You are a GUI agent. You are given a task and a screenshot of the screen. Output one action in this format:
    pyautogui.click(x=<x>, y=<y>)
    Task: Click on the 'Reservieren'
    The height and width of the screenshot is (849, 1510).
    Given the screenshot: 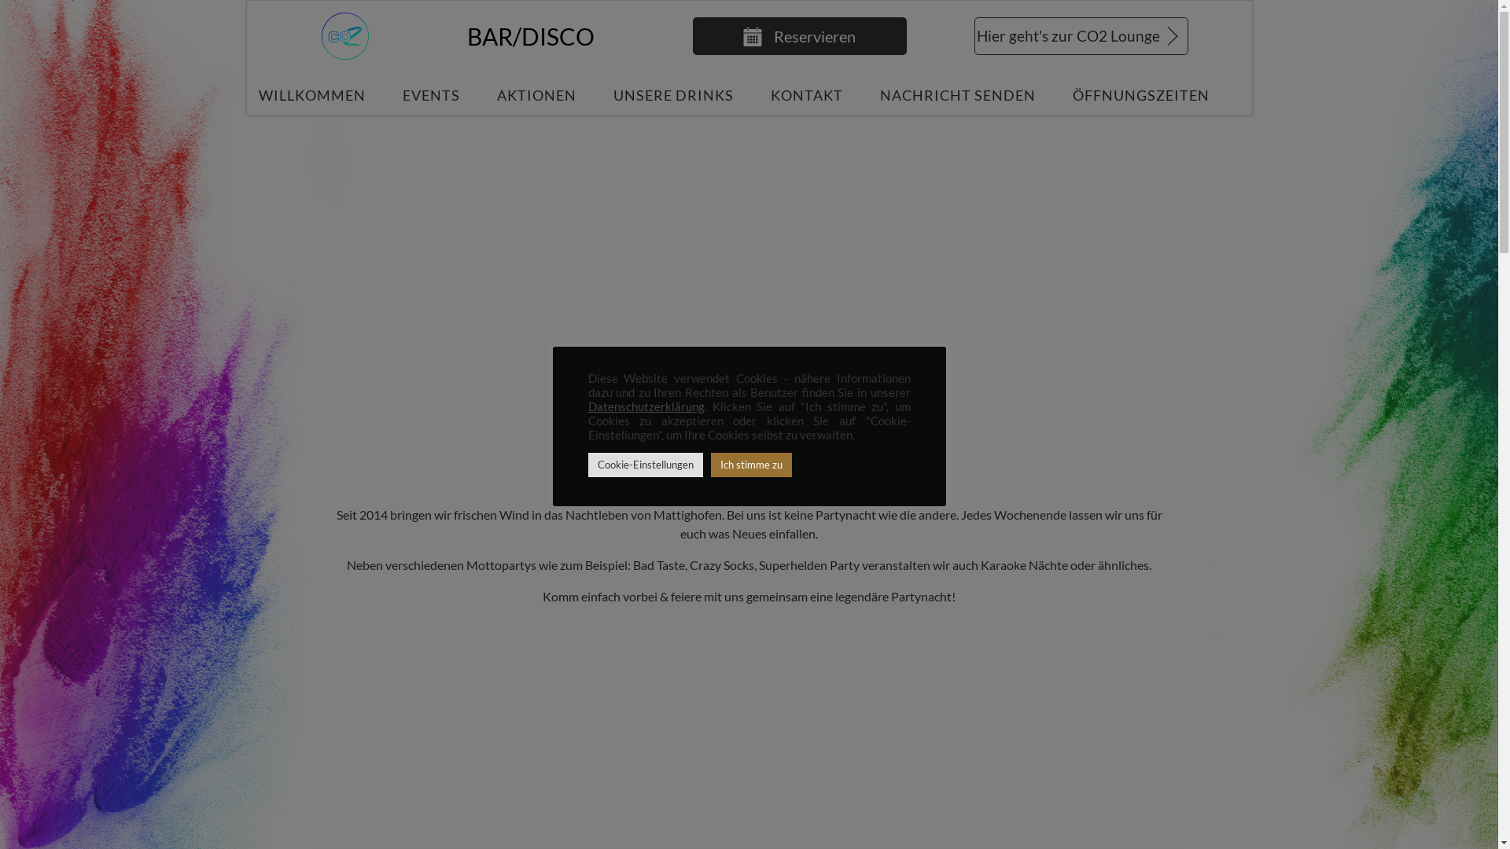 What is the action you would take?
    pyautogui.click(x=799, y=35)
    